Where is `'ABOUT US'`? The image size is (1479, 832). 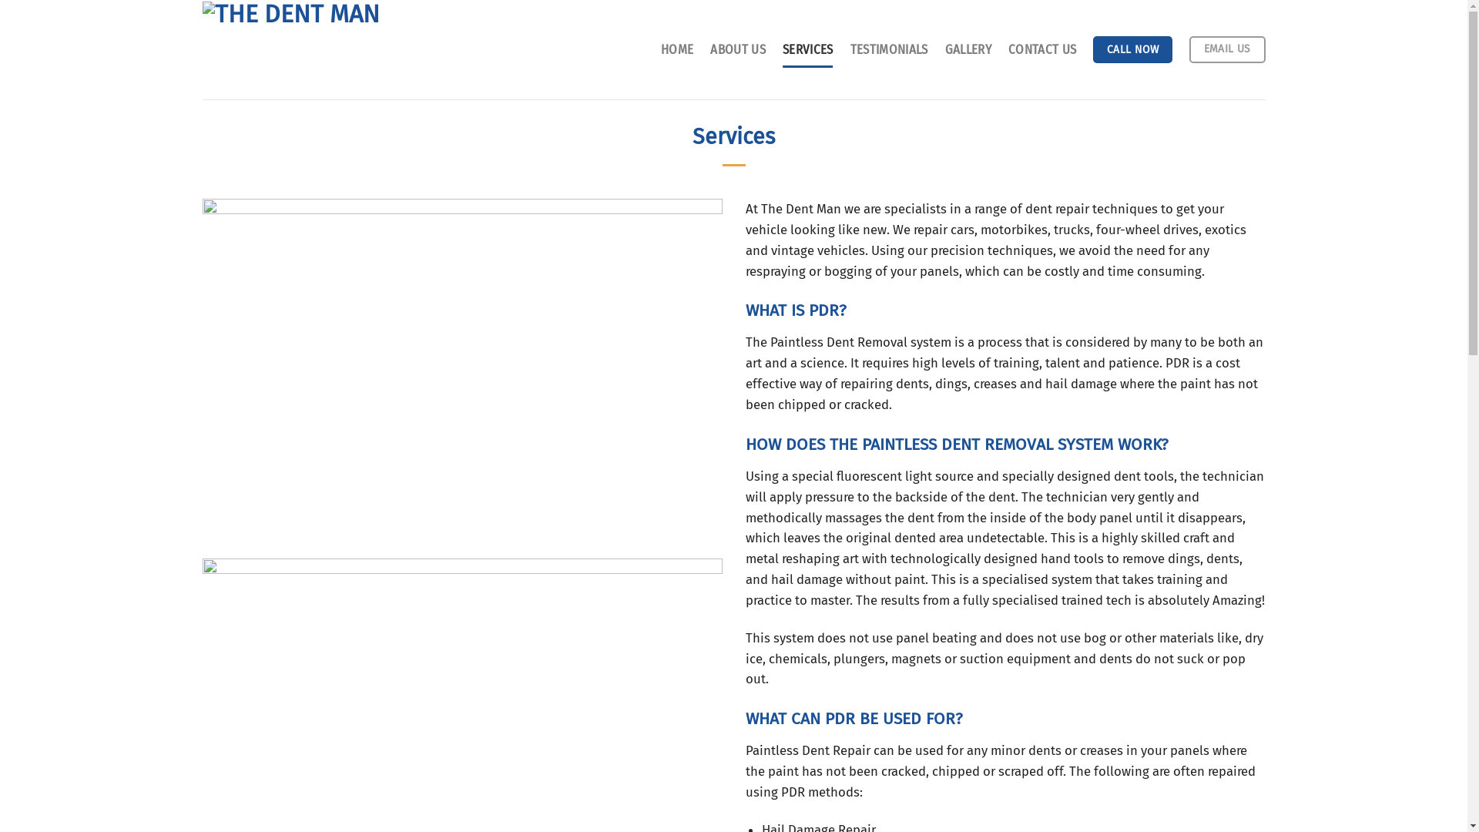
'ABOUT US' is located at coordinates (737, 49).